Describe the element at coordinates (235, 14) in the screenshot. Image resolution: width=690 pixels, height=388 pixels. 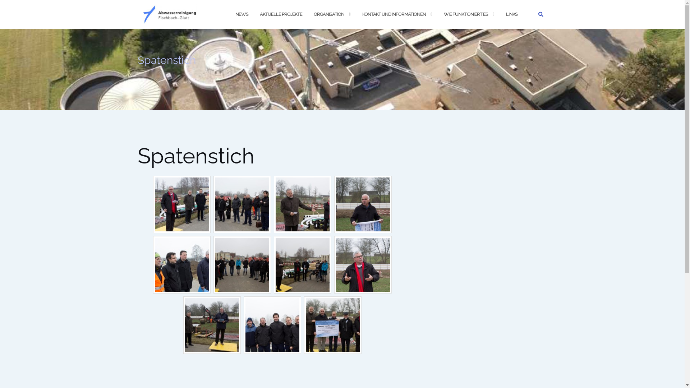
I see `'NEWS'` at that location.